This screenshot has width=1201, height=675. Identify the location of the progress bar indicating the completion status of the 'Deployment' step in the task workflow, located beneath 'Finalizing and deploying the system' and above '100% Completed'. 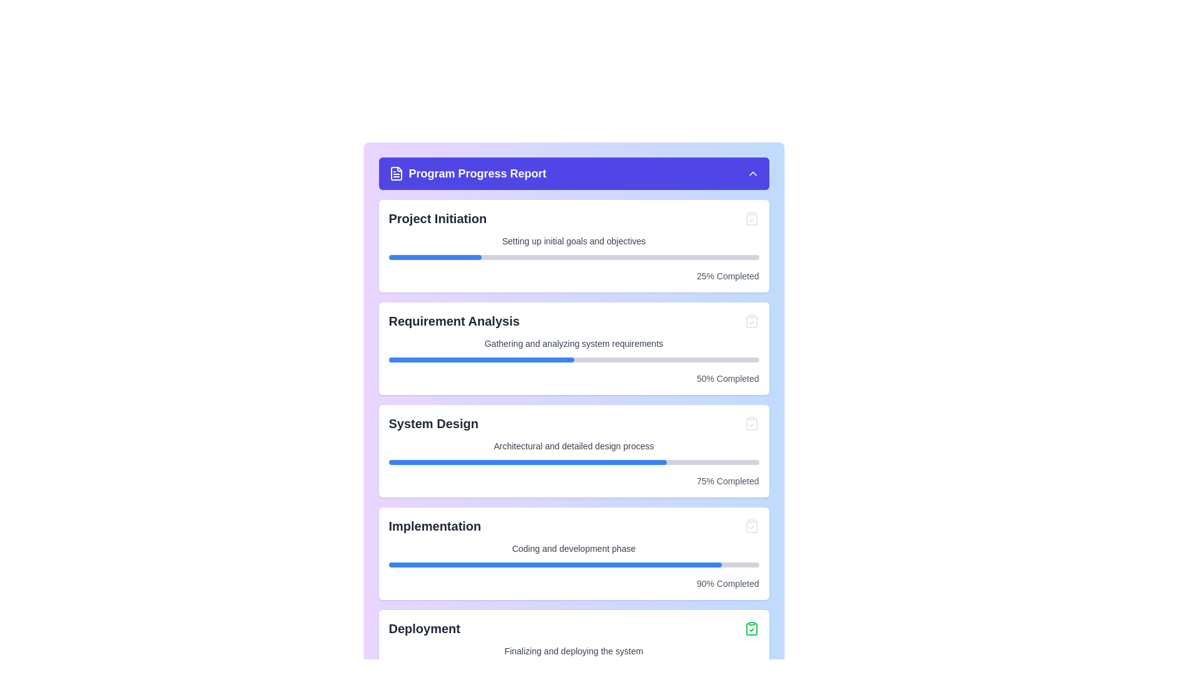
(573, 667).